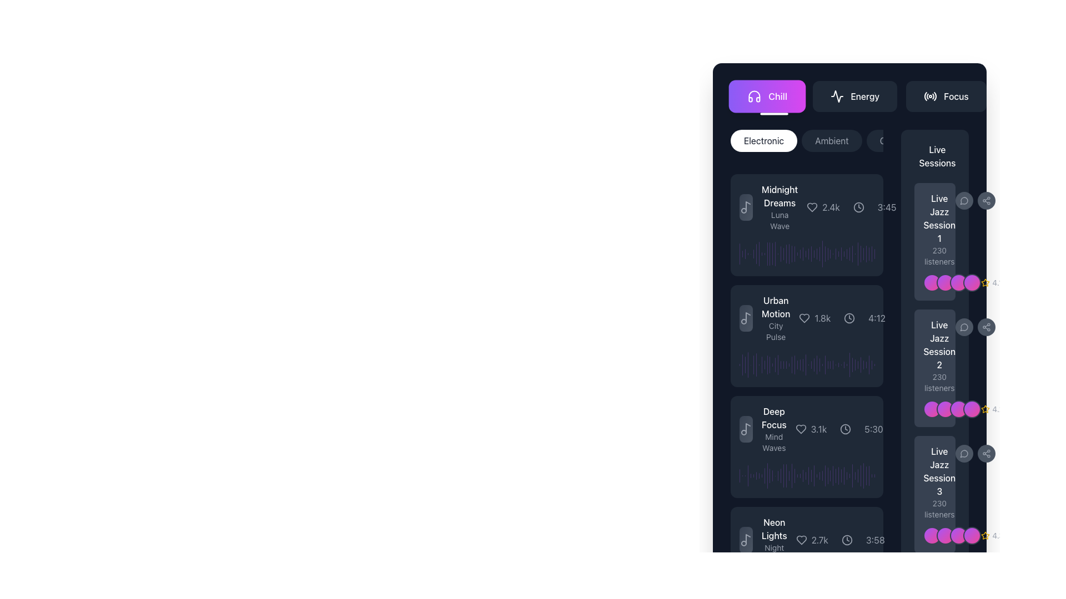 Image resolution: width=1066 pixels, height=599 pixels. What do you see at coordinates (972, 409) in the screenshot?
I see `the fourth circular avatar element located next` at bounding box center [972, 409].